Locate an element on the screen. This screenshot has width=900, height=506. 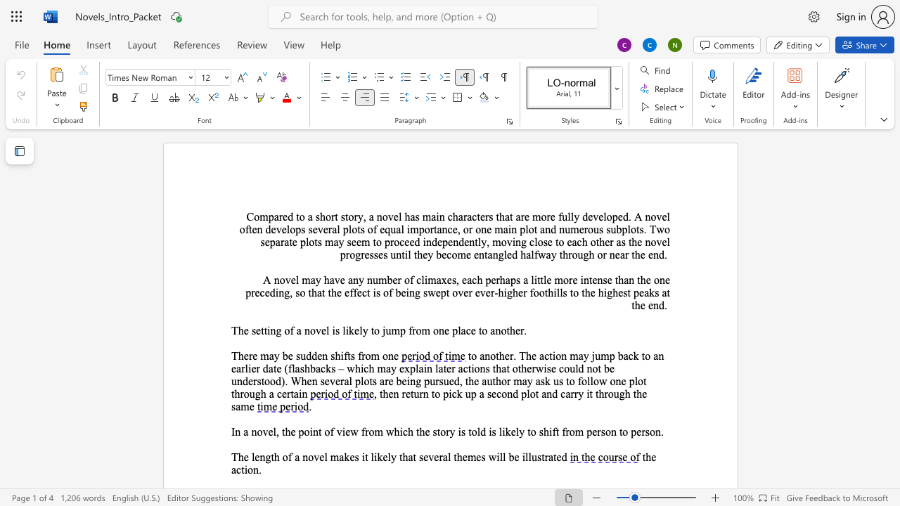
the 2th character "o" in the text is located at coordinates (406, 280).